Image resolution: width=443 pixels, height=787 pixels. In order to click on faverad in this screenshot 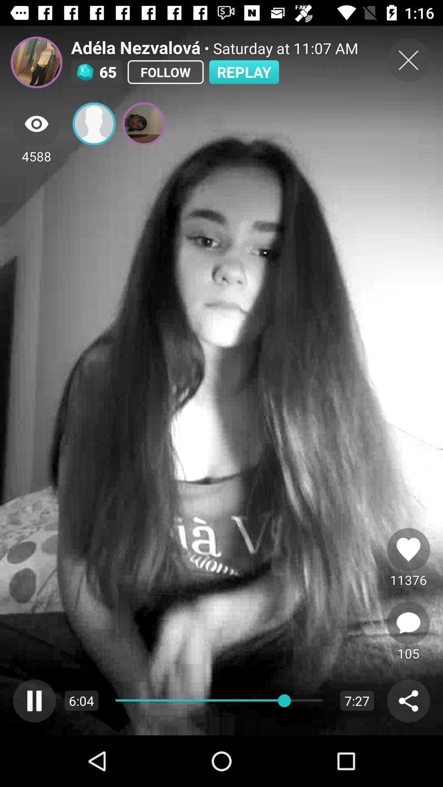, I will do `click(408, 549)`.